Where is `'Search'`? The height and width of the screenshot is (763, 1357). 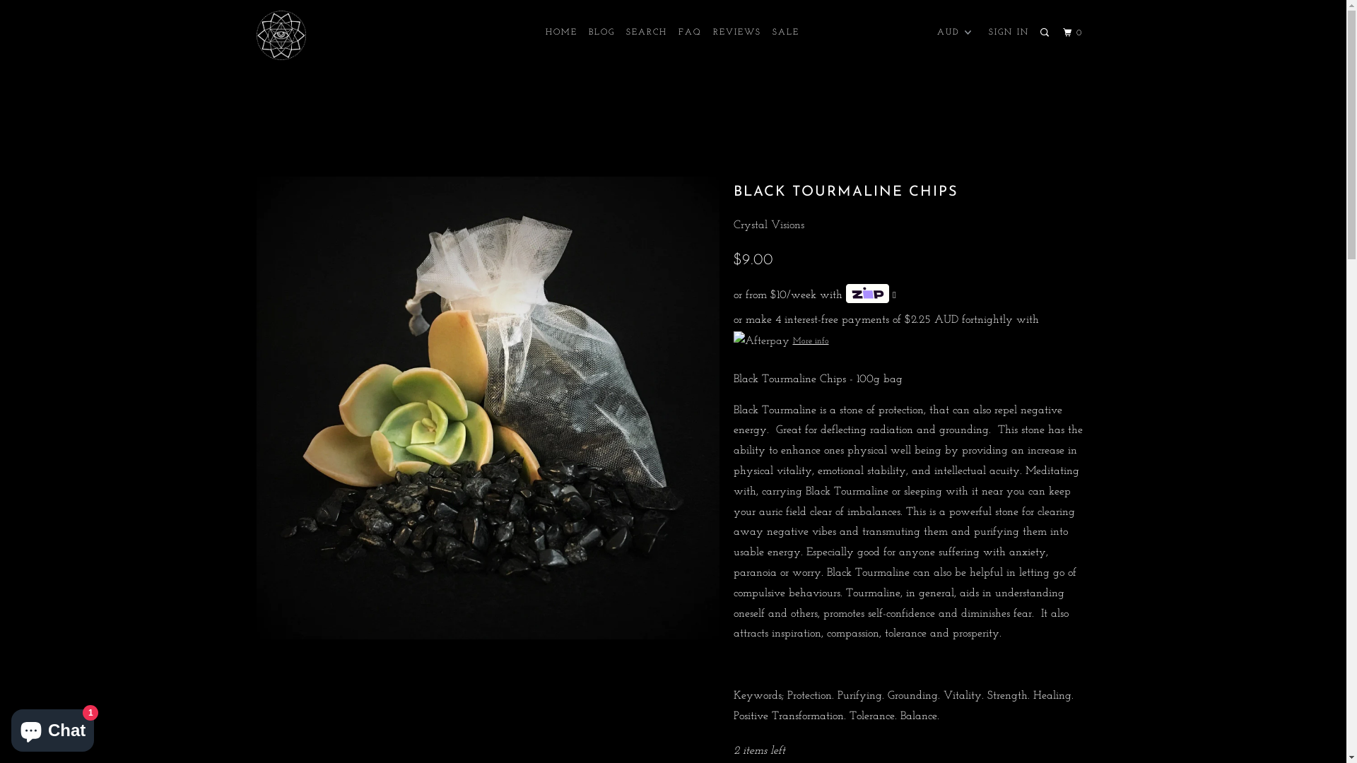 'Search' is located at coordinates (1038, 32).